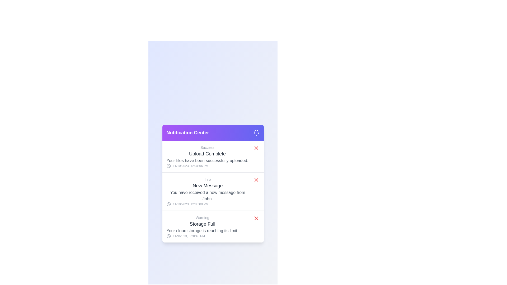  I want to click on the close button of the 'Upload Complete' notification to change its visual state, so click(256, 148).